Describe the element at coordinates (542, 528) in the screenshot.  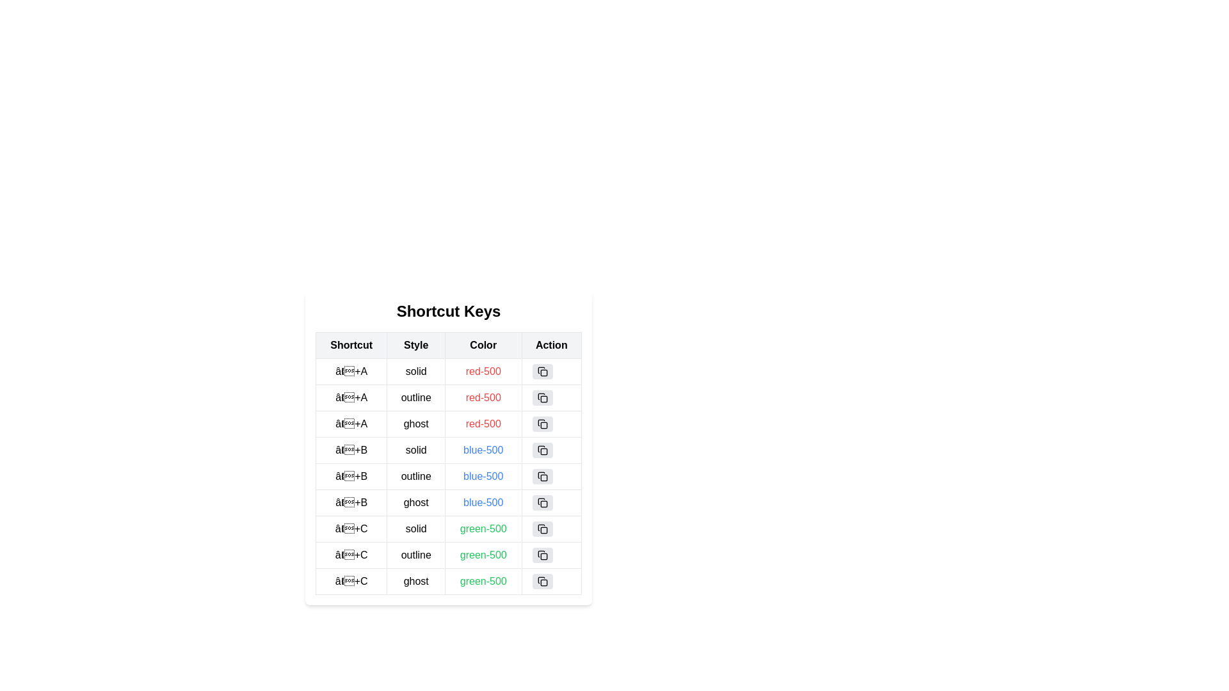
I see `the copy action icon, which resembles two overlapping rectangles with a gray color and rounded corners, located in the Action column of the Shortcut Keys table under the row labeled 'C'` at that location.